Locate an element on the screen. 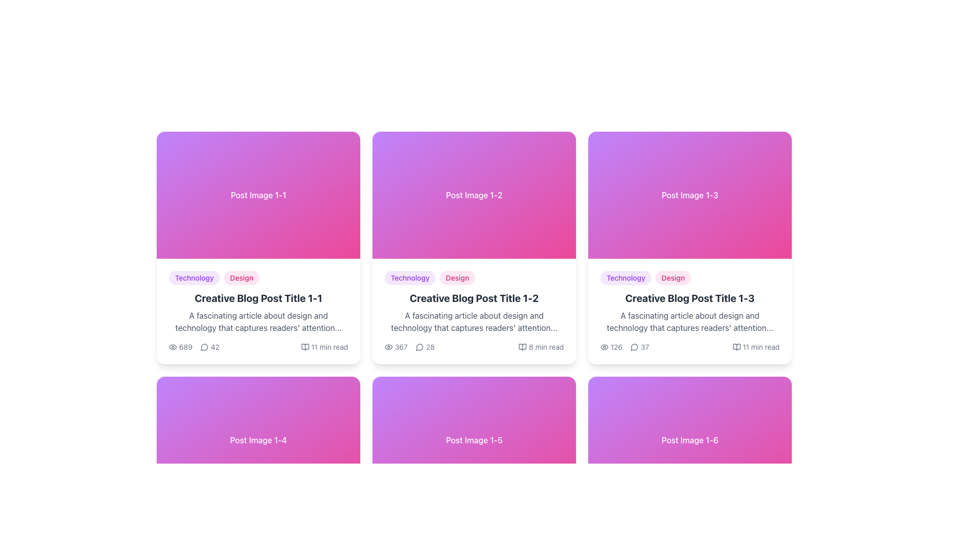 This screenshot has height=549, width=977. the informational display element consisting of the numeric values '689' and '42' along with their respective icons (eye and chat bubble), located in the lower-left corner of the card titled 'Creative Blog Post Title 1-1' is located at coordinates (194, 346).